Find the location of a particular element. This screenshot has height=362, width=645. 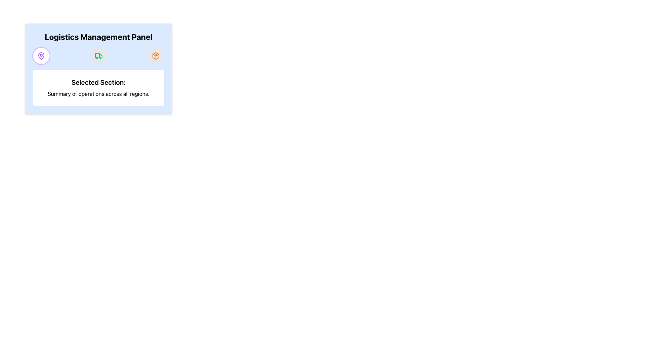

the circular button with a light gray background and a green truck icon is located at coordinates (98, 55).